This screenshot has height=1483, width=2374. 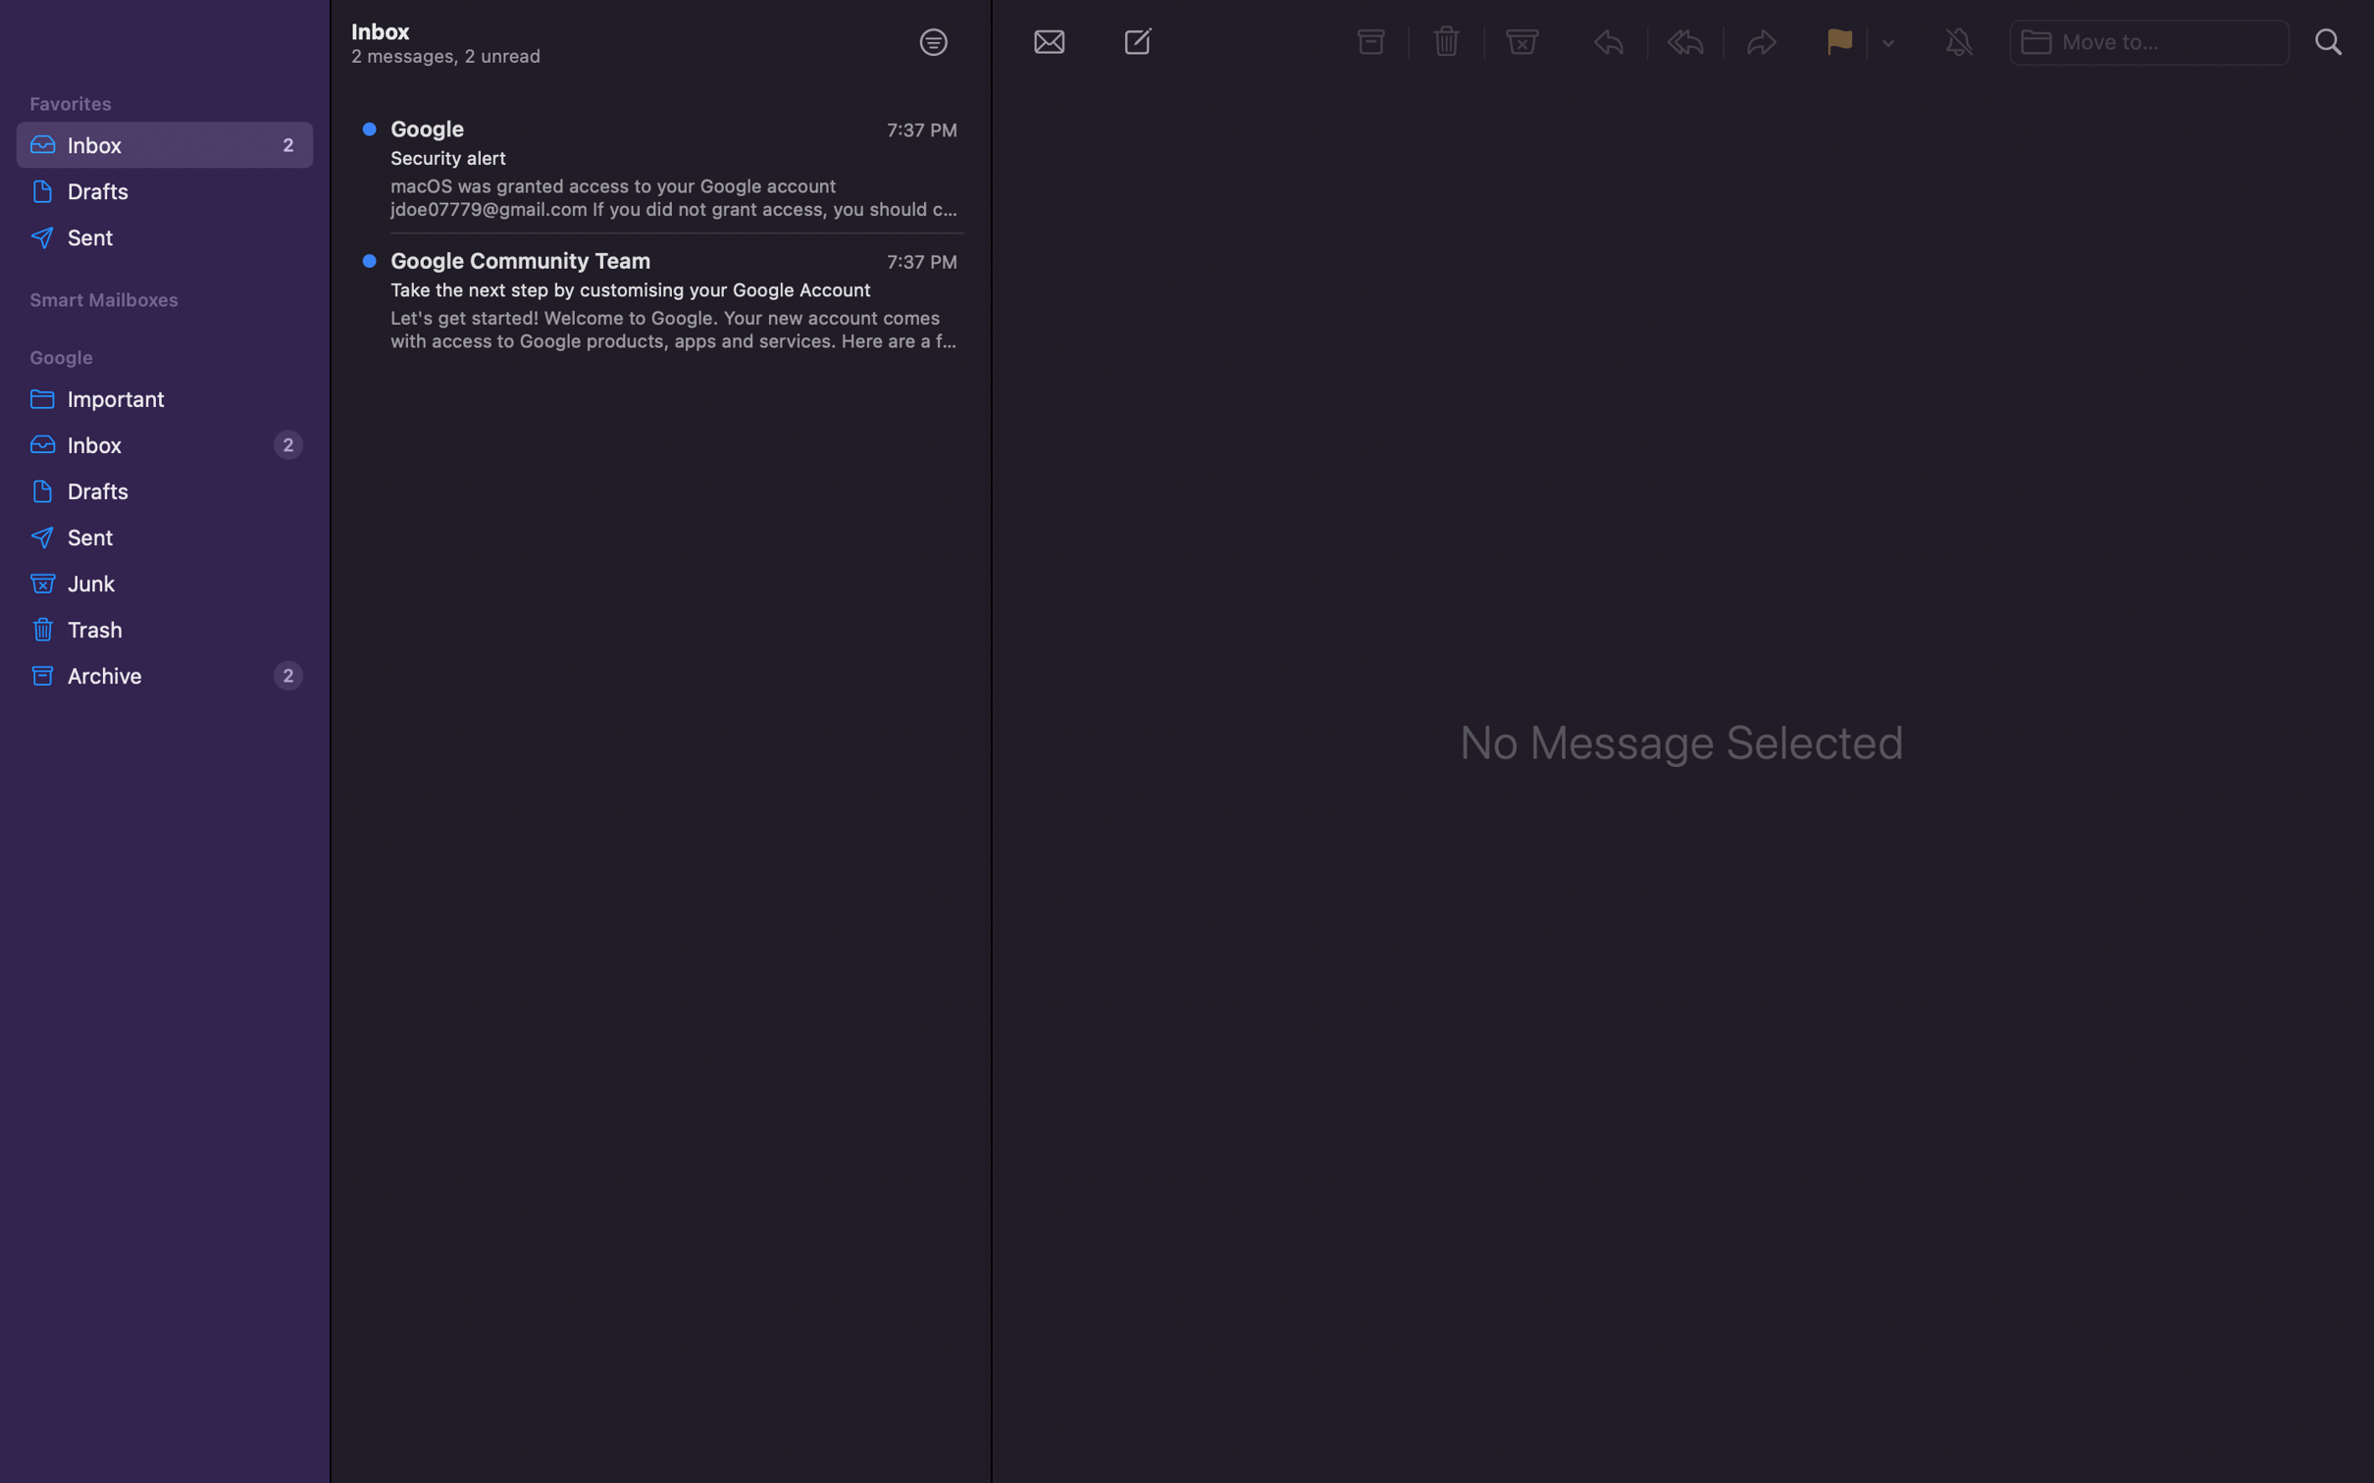 What do you see at coordinates (161, 395) in the screenshot?
I see `Navigate and open the crucial mail` at bounding box center [161, 395].